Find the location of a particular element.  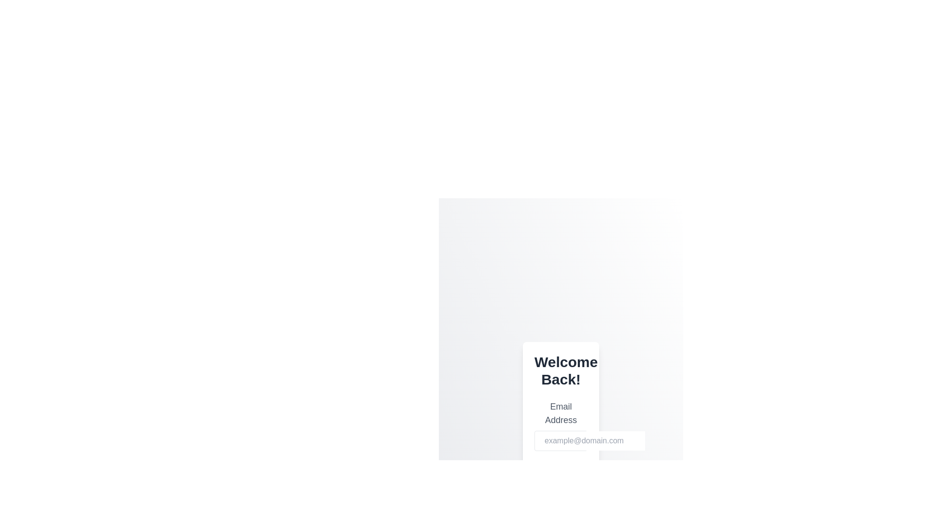

the email input field, which has a light gray background, rounded corners, and displays the placeholder text 'example@domain.com' is located at coordinates (592, 441).